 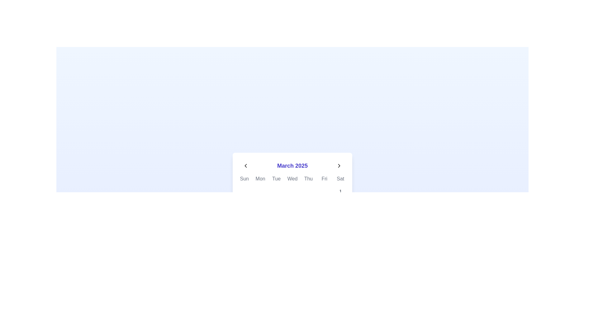 What do you see at coordinates (340, 206) in the screenshot?
I see `the button labeled '8' located in the 7th column and 3rd row beneath the 'March 2025' panel` at bounding box center [340, 206].